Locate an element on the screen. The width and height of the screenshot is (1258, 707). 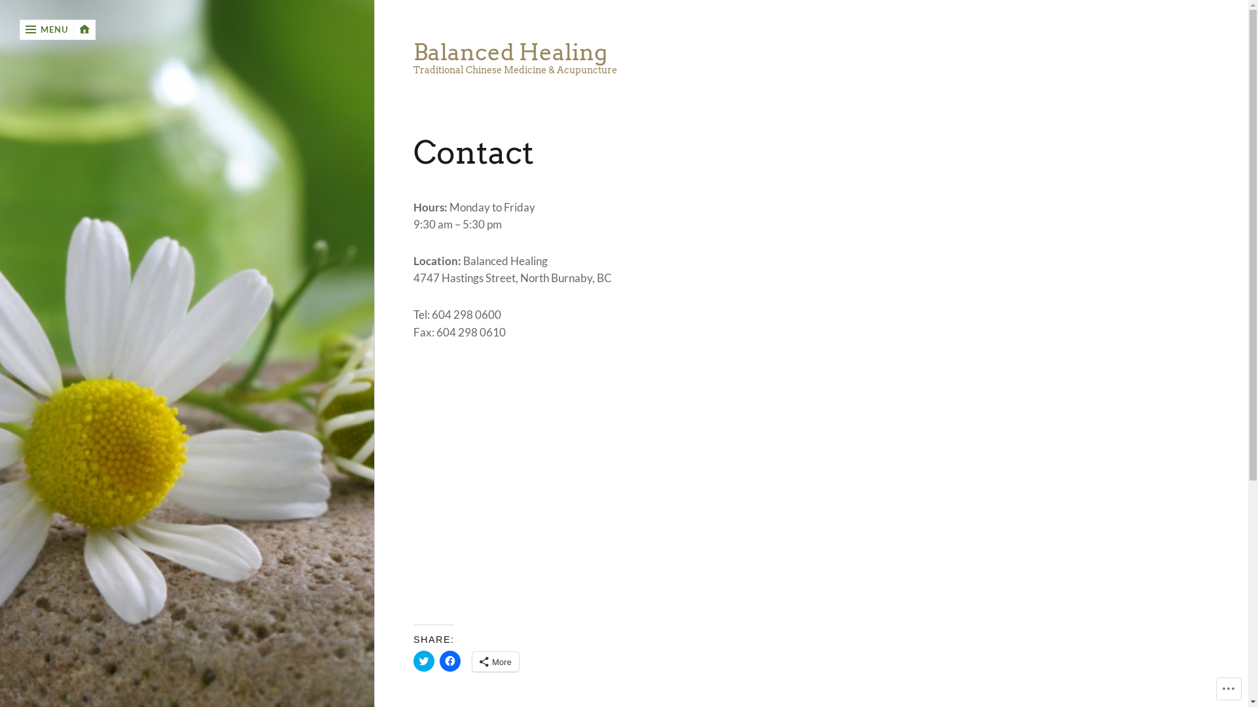
'Click to share on Facebook (Opens in new window)' is located at coordinates (449, 661).